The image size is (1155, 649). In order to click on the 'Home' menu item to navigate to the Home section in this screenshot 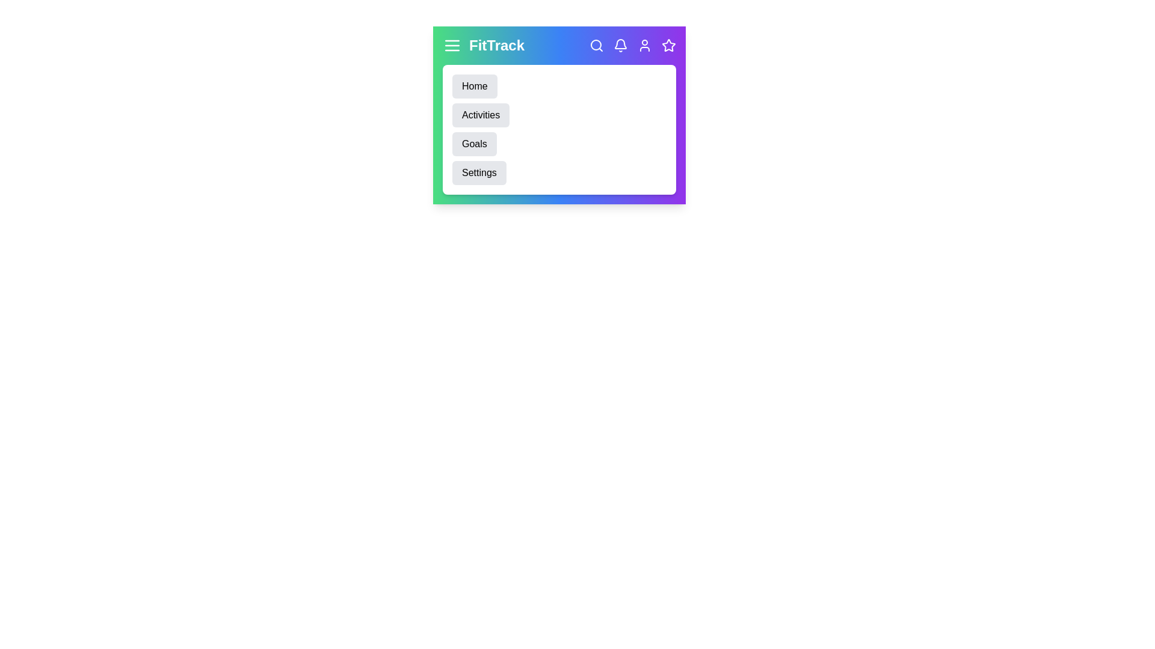, I will do `click(473, 85)`.